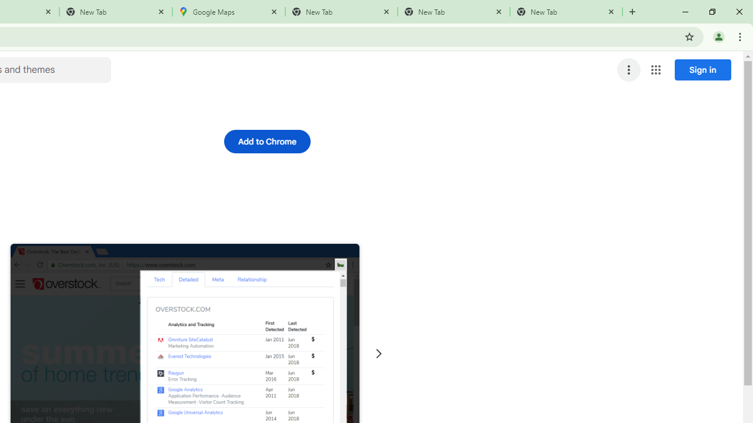  Describe the element at coordinates (566, 12) in the screenshot. I see `'New Tab'` at that location.